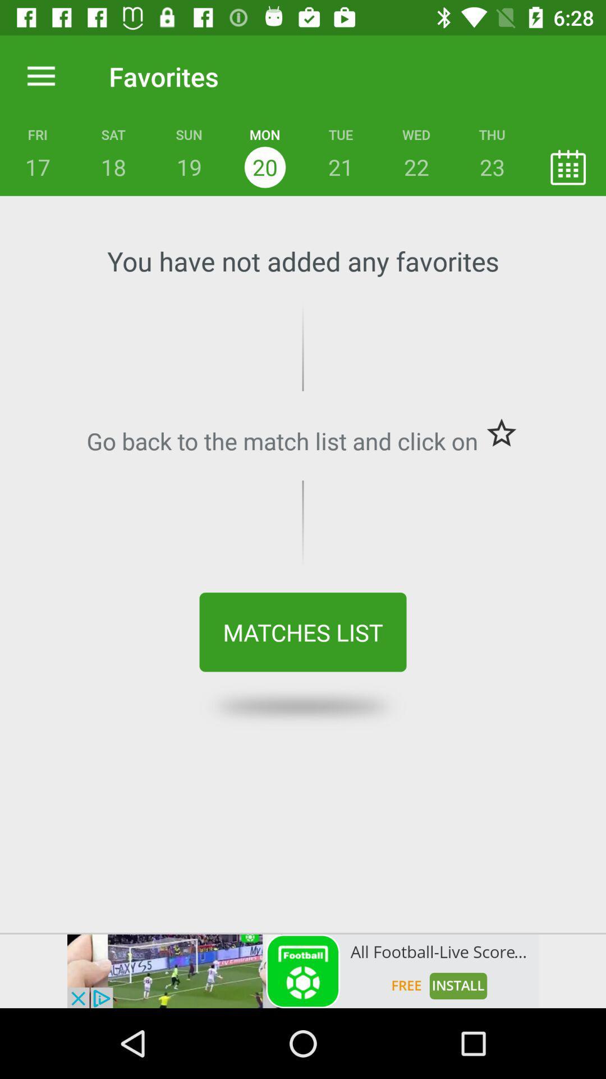 Image resolution: width=606 pixels, height=1079 pixels. I want to click on the advertised app 's page, so click(303, 971).